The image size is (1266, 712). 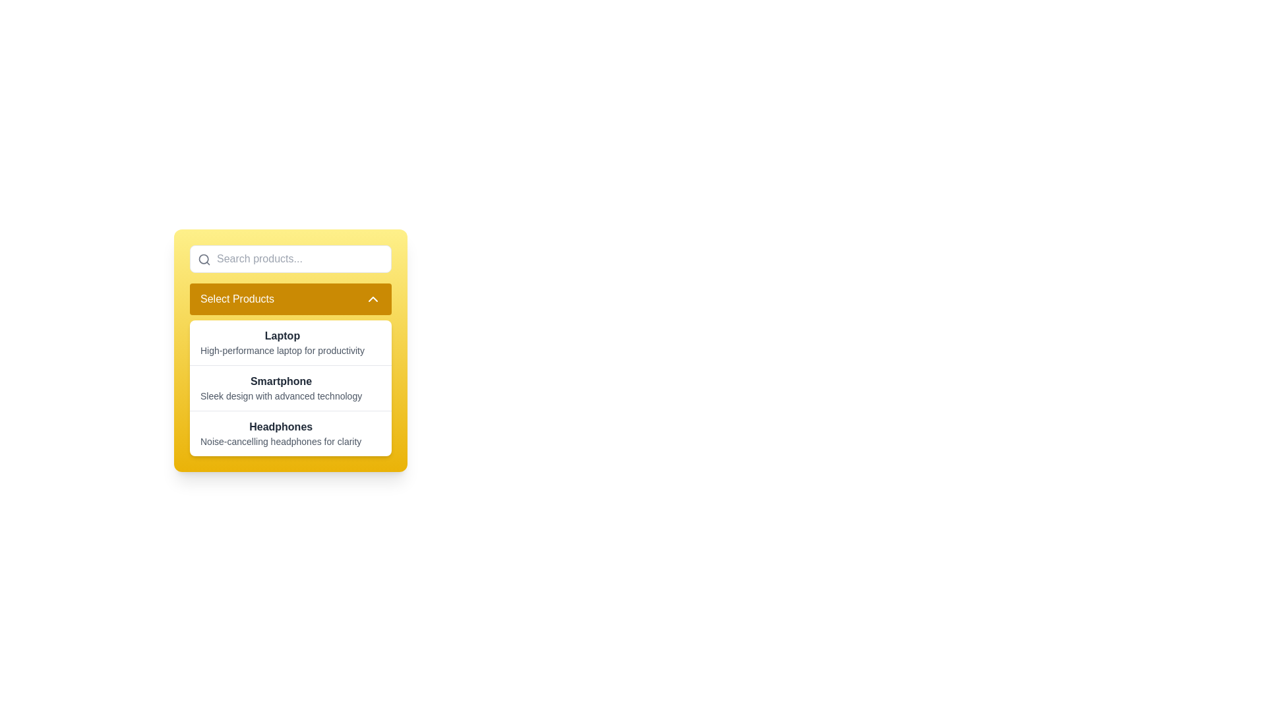 What do you see at coordinates (280, 381) in the screenshot?
I see `the 'Smartphone' text label, which is the second item in the 'Select Products' dropdown menu, indicating the product category` at bounding box center [280, 381].